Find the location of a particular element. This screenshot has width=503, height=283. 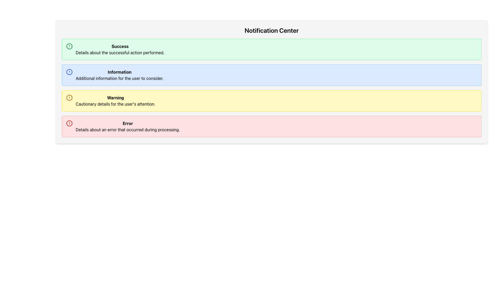

the warning icon within the 'Warning' notification card to emphasize the warning message it signifies is located at coordinates (69, 98).